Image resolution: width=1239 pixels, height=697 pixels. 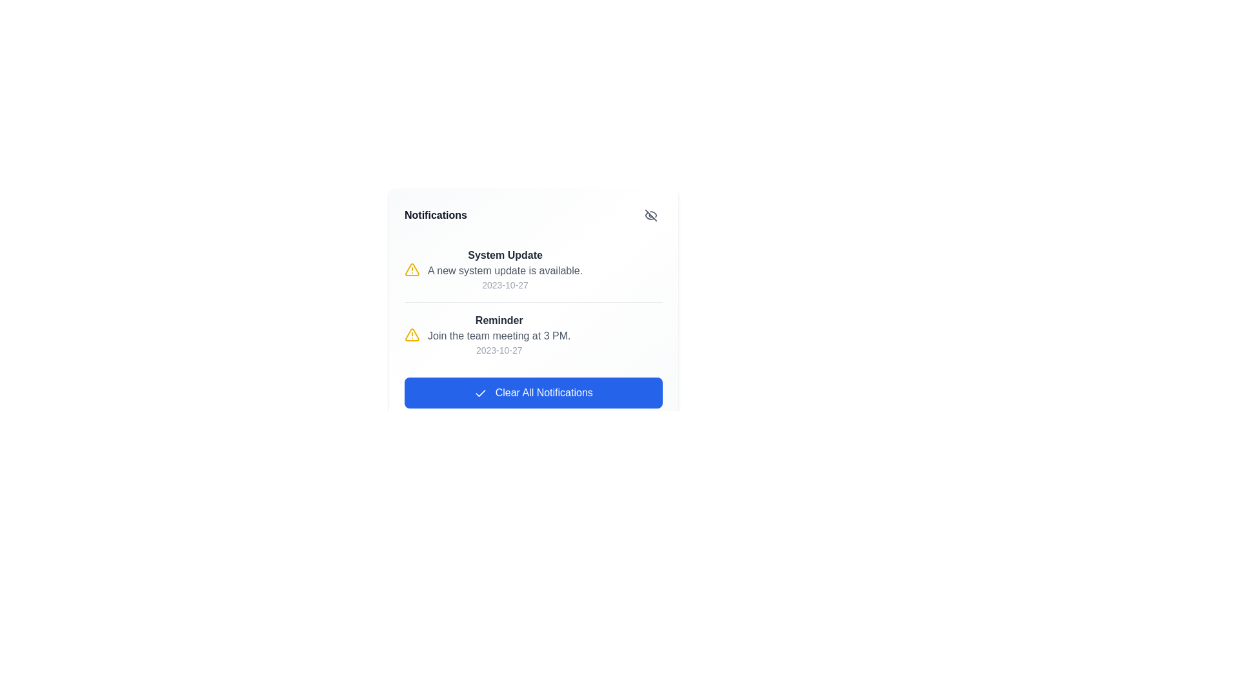 What do you see at coordinates (498, 320) in the screenshot?
I see `the bold dark gray text element labeled 'Reminder', which is visually prominent and positioned above the 'Join the team meeting at 3 PM.' text` at bounding box center [498, 320].